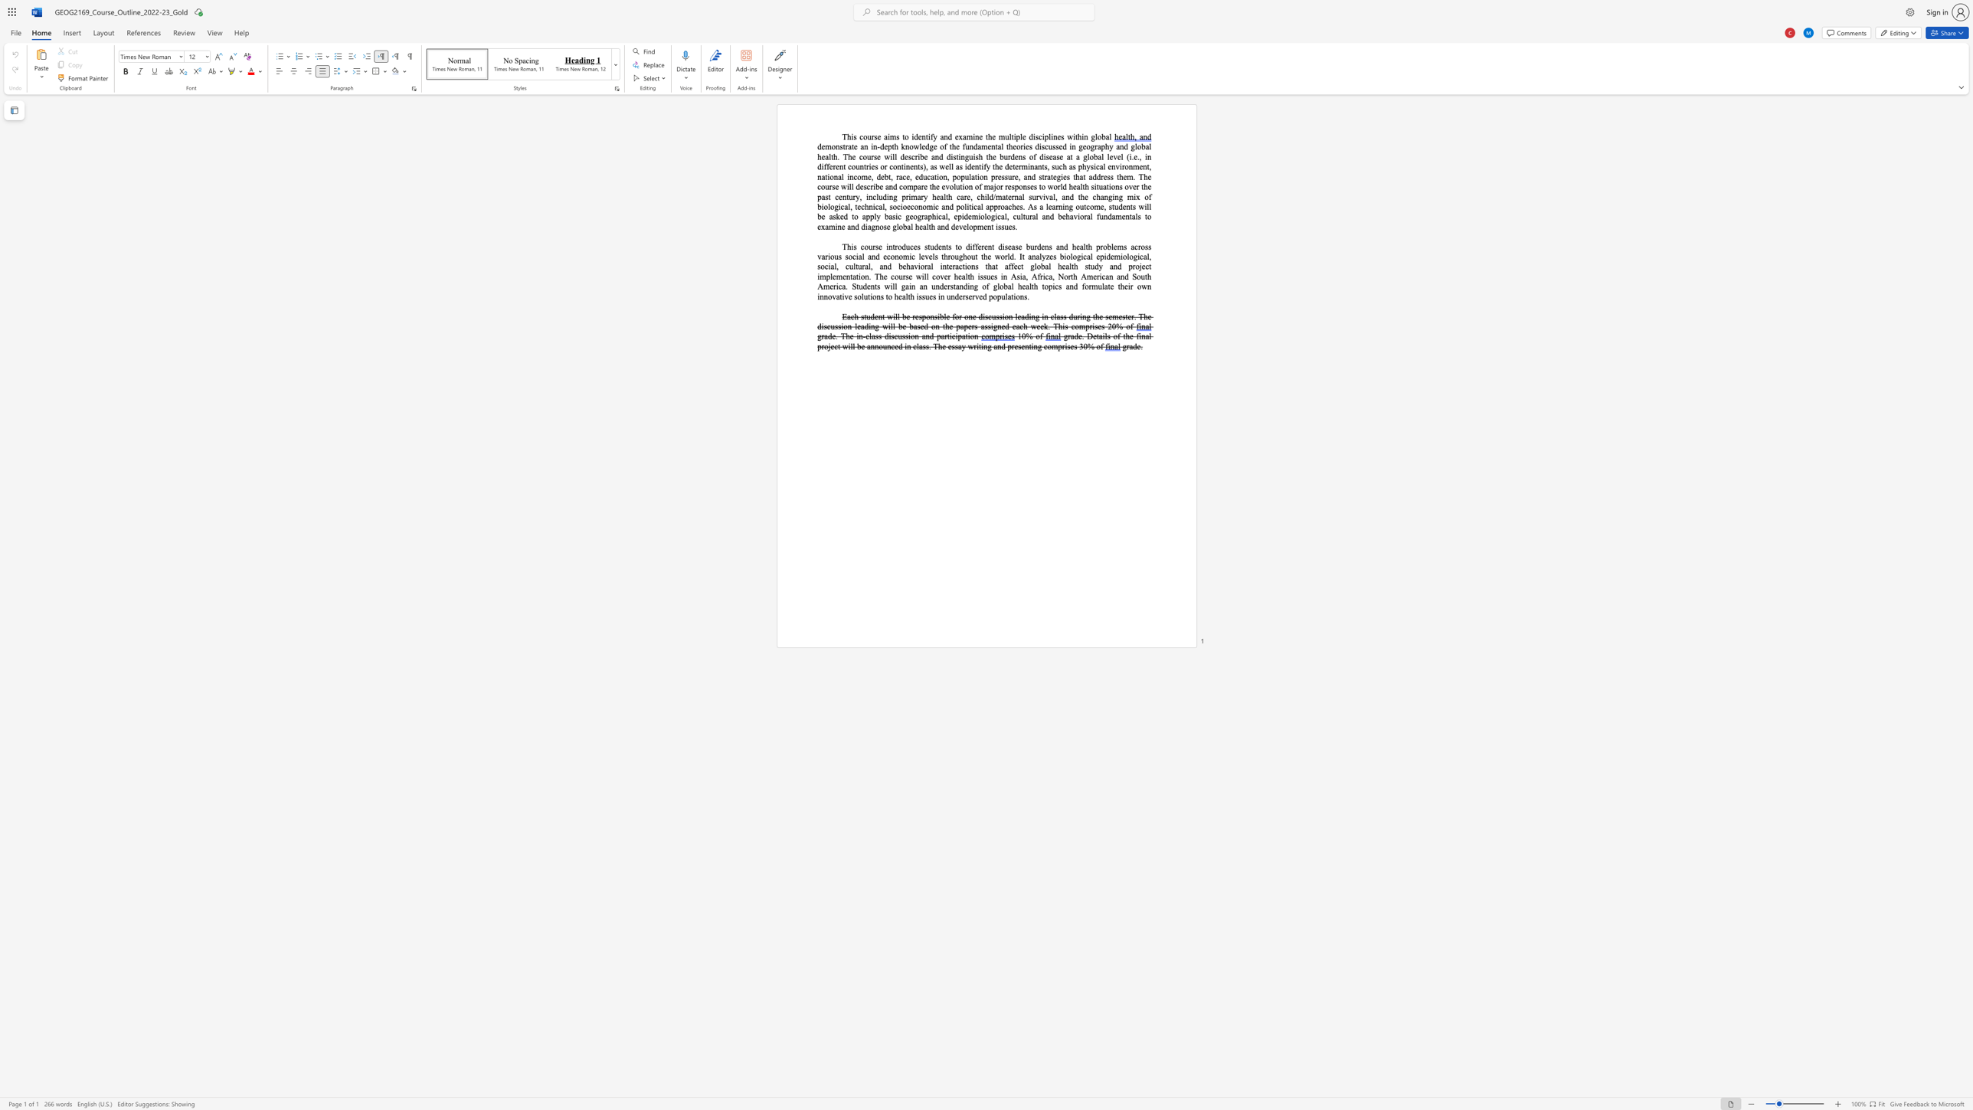 Image resolution: width=1973 pixels, height=1110 pixels. Describe the element at coordinates (876, 336) in the screenshot. I see `the 1th character "s" in the text` at that location.